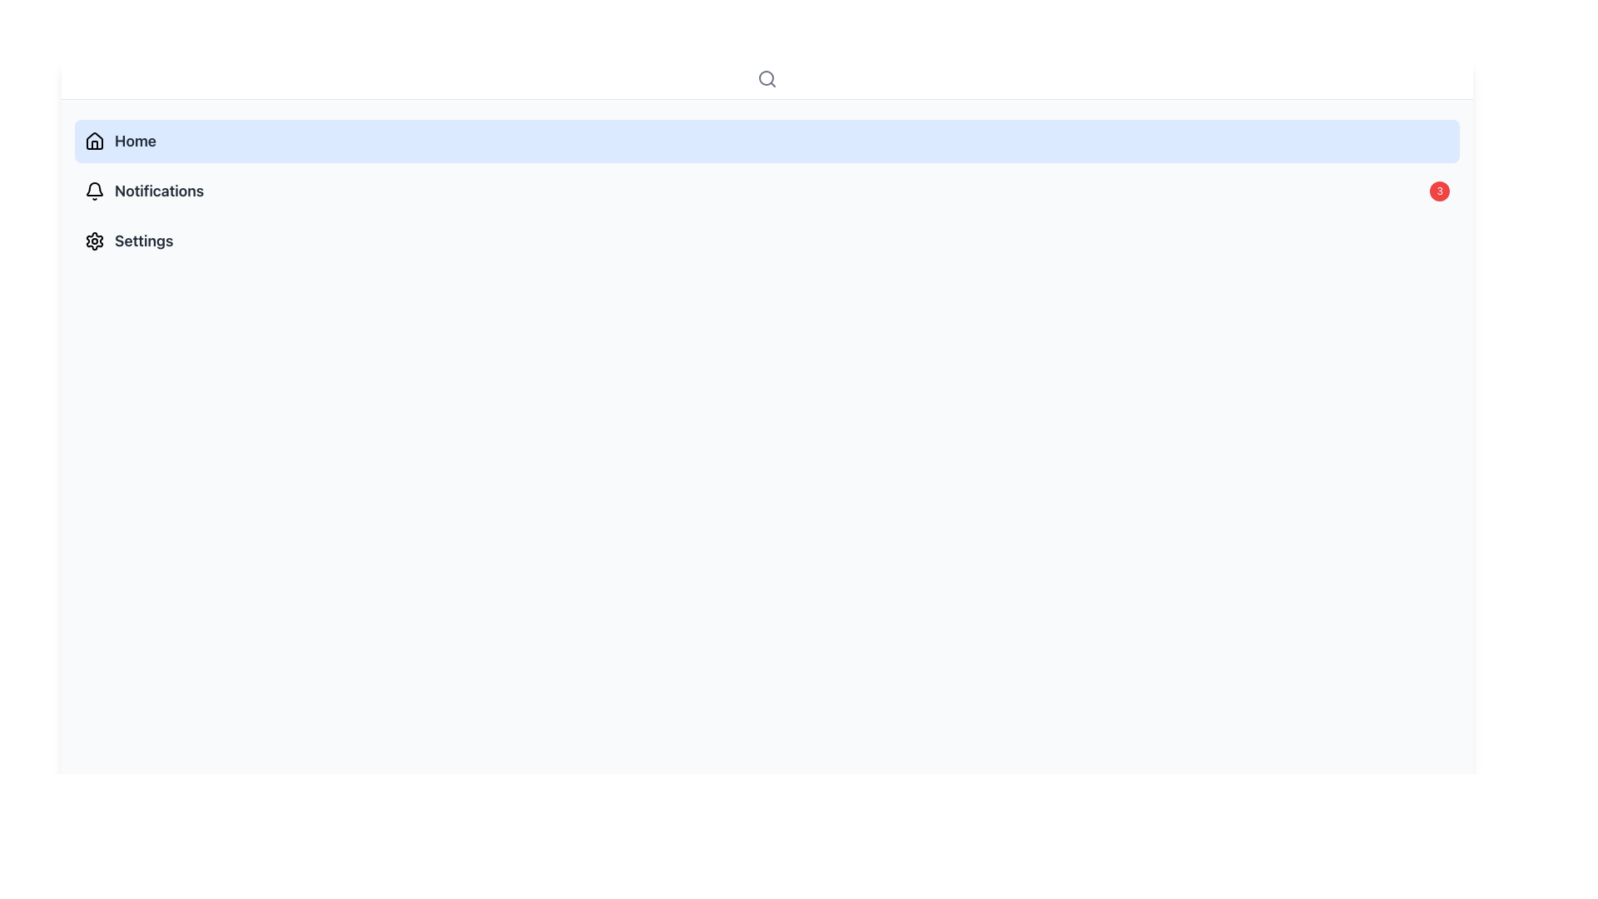 The image size is (1598, 899). I want to click on label 'Home' which is the text for the first navigation item in the vertical menu located to the right of the house-shaped icon, so click(136, 140).